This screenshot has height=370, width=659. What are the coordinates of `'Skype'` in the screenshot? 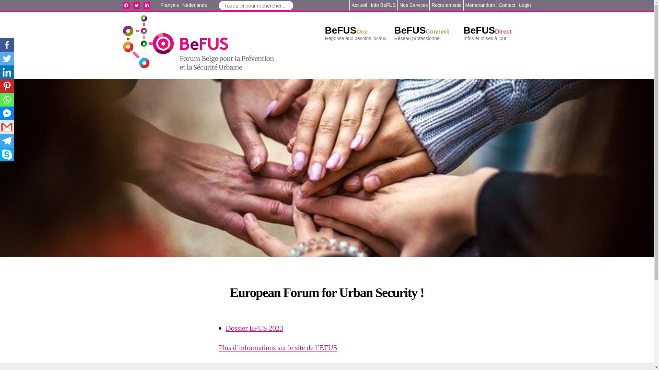 It's located at (7, 155).